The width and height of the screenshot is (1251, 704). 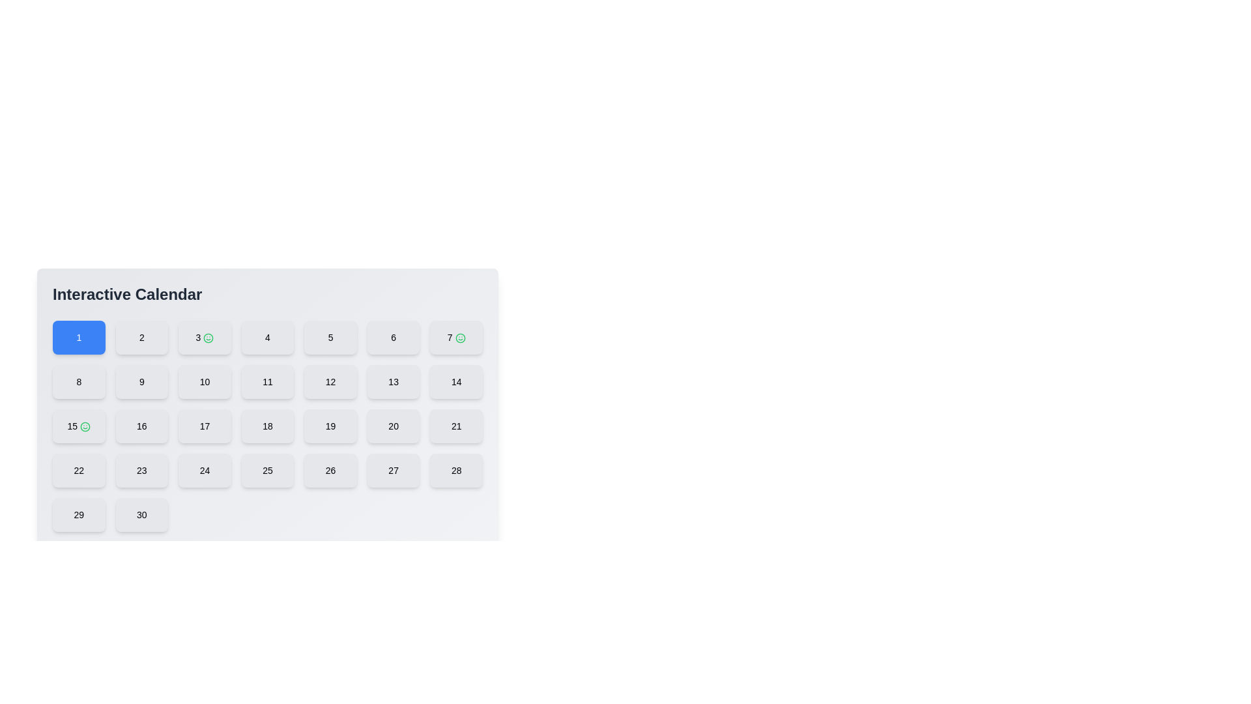 I want to click on the light gray button labeled '19' in the calendar grid, so click(x=330, y=426).